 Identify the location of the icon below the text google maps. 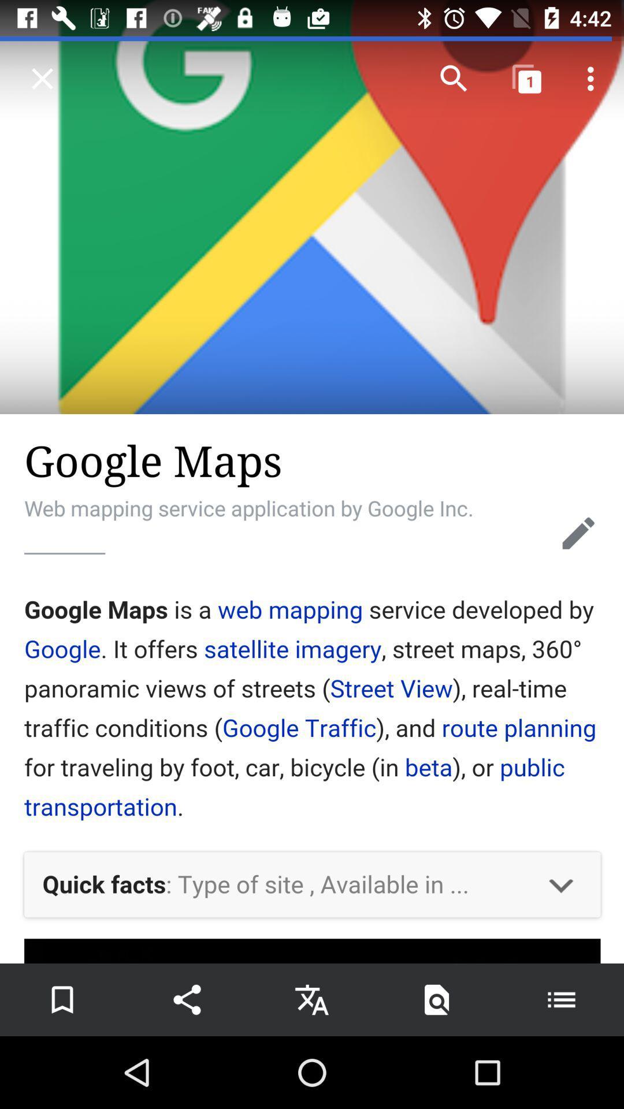
(578, 533).